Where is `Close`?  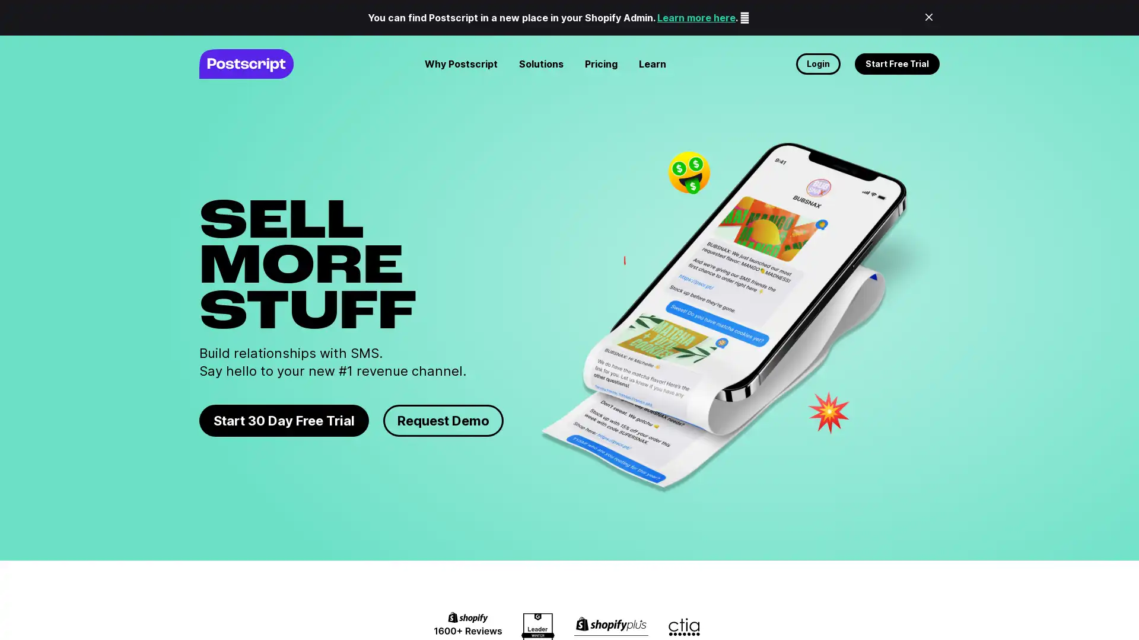
Close is located at coordinates (1112, 305).